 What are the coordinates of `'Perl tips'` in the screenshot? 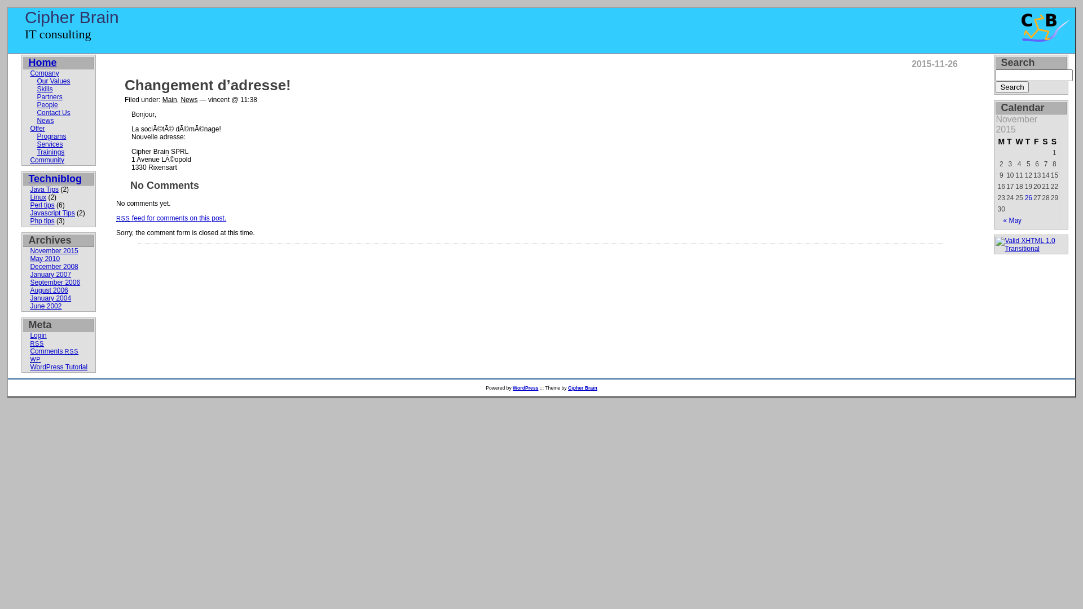 It's located at (42, 205).